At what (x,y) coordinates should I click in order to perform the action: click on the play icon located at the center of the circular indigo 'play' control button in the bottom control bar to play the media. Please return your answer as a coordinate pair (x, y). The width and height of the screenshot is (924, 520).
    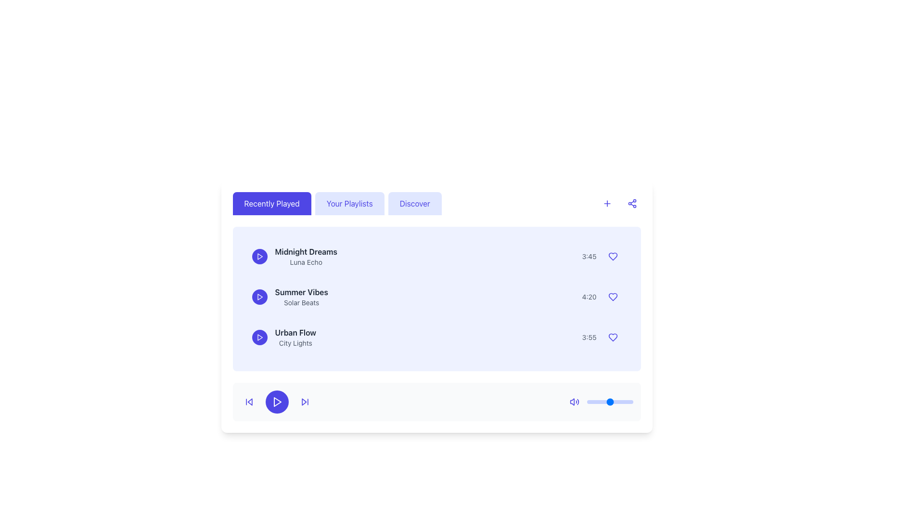
    Looking at the image, I should click on (259, 256).